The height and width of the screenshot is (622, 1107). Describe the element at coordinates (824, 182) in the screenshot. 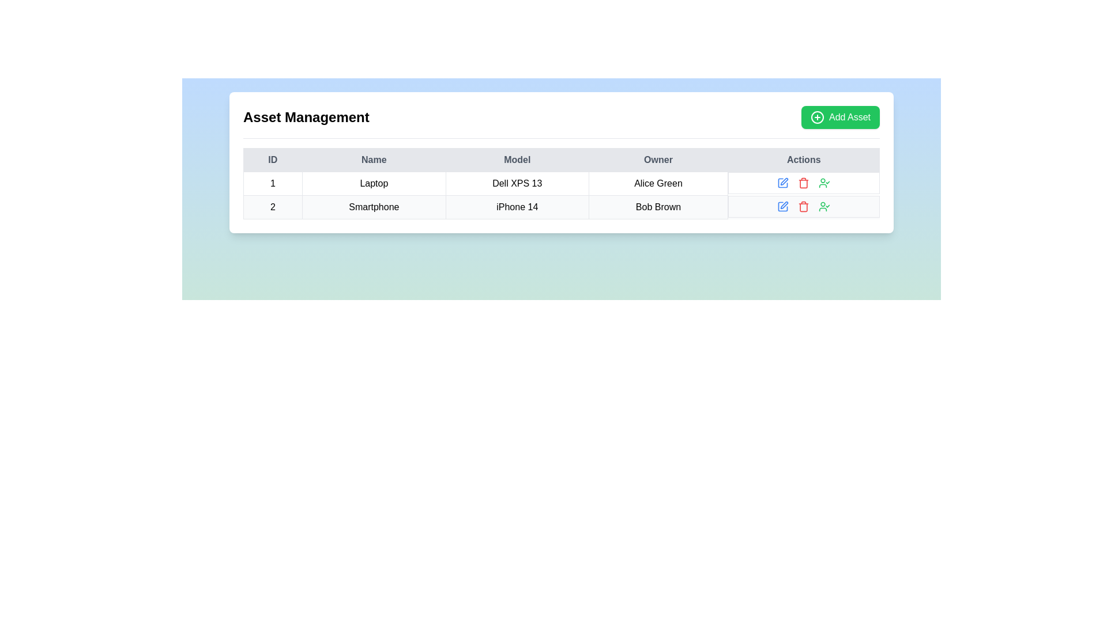

I see `the interactive green user icon with a checkmark located in the second row of the 'Actions' column in the table interface` at that location.